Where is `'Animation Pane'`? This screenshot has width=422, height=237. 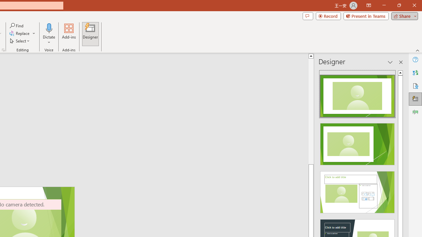
'Animation Pane' is located at coordinates (415, 112).